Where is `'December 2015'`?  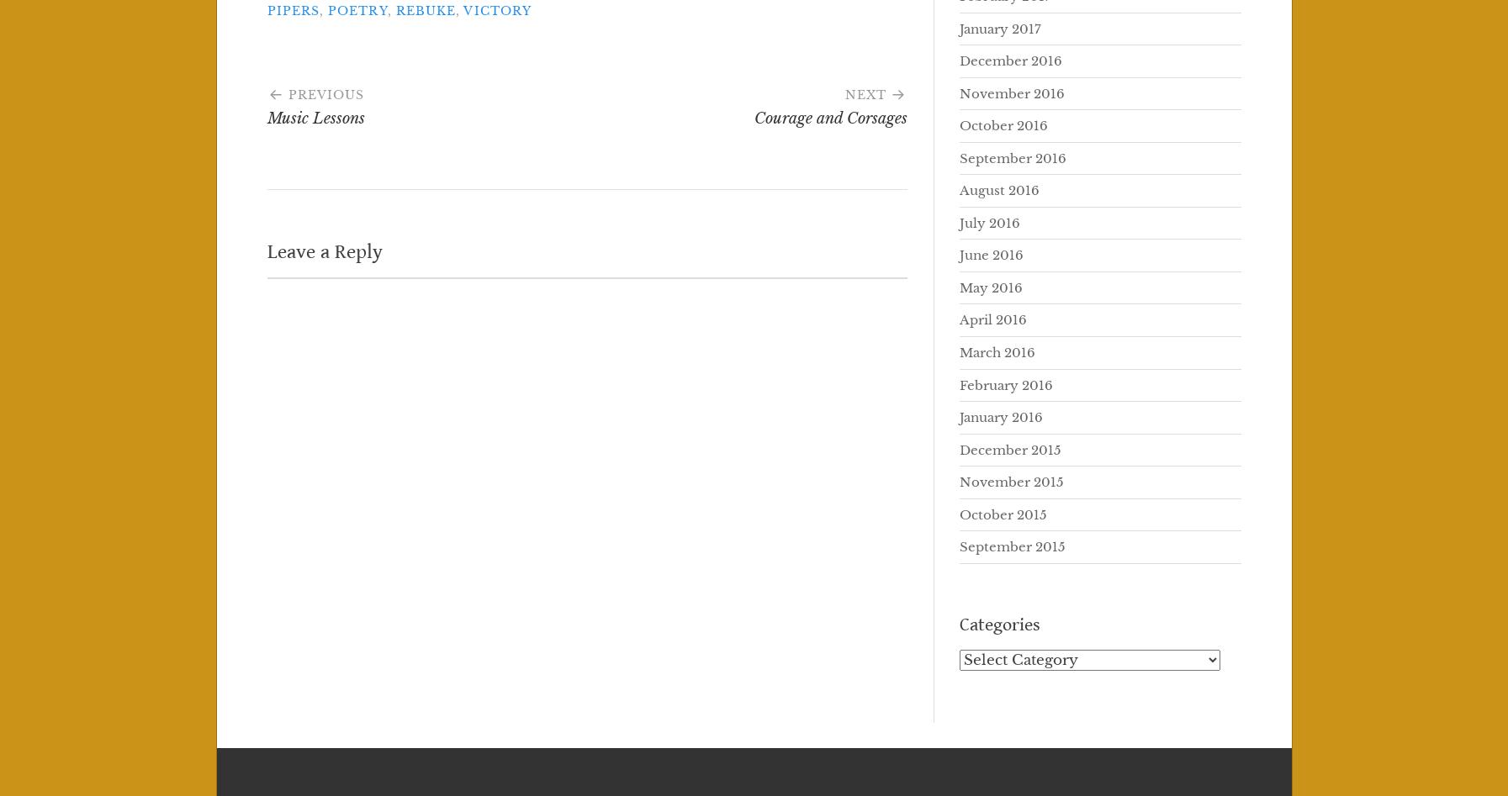 'December 2015' is located at coordinates (1009, 448).